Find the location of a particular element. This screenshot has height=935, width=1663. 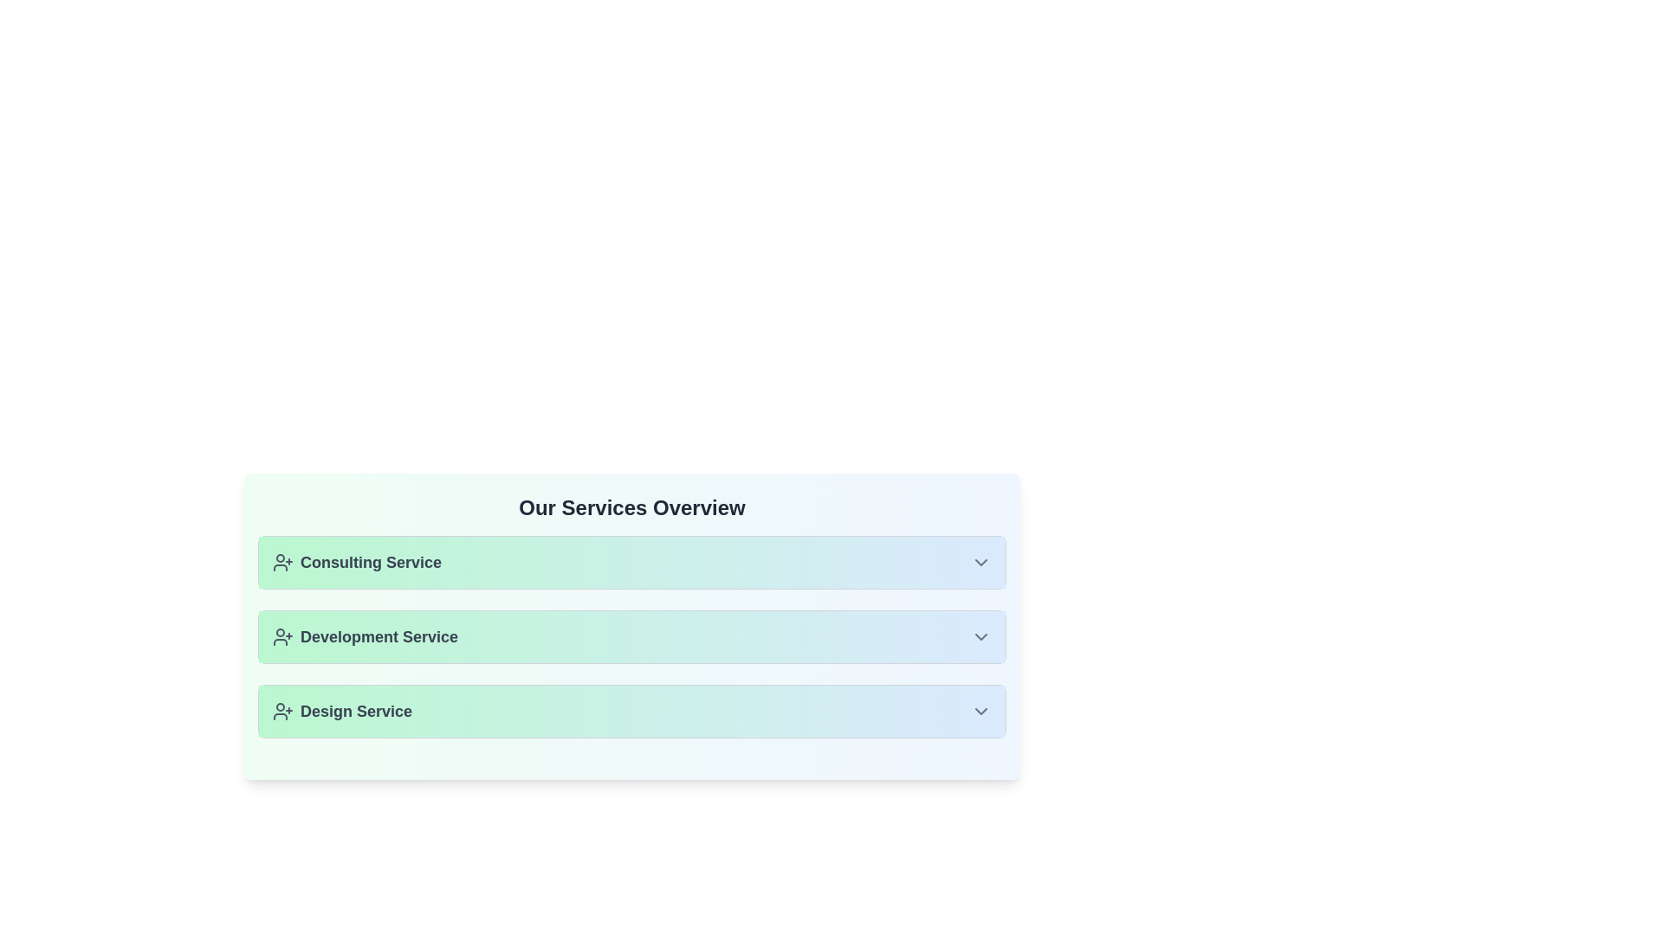

the 'Consulting Service' collapsible header for keyboard navigation is located at coordinates (631, 563).